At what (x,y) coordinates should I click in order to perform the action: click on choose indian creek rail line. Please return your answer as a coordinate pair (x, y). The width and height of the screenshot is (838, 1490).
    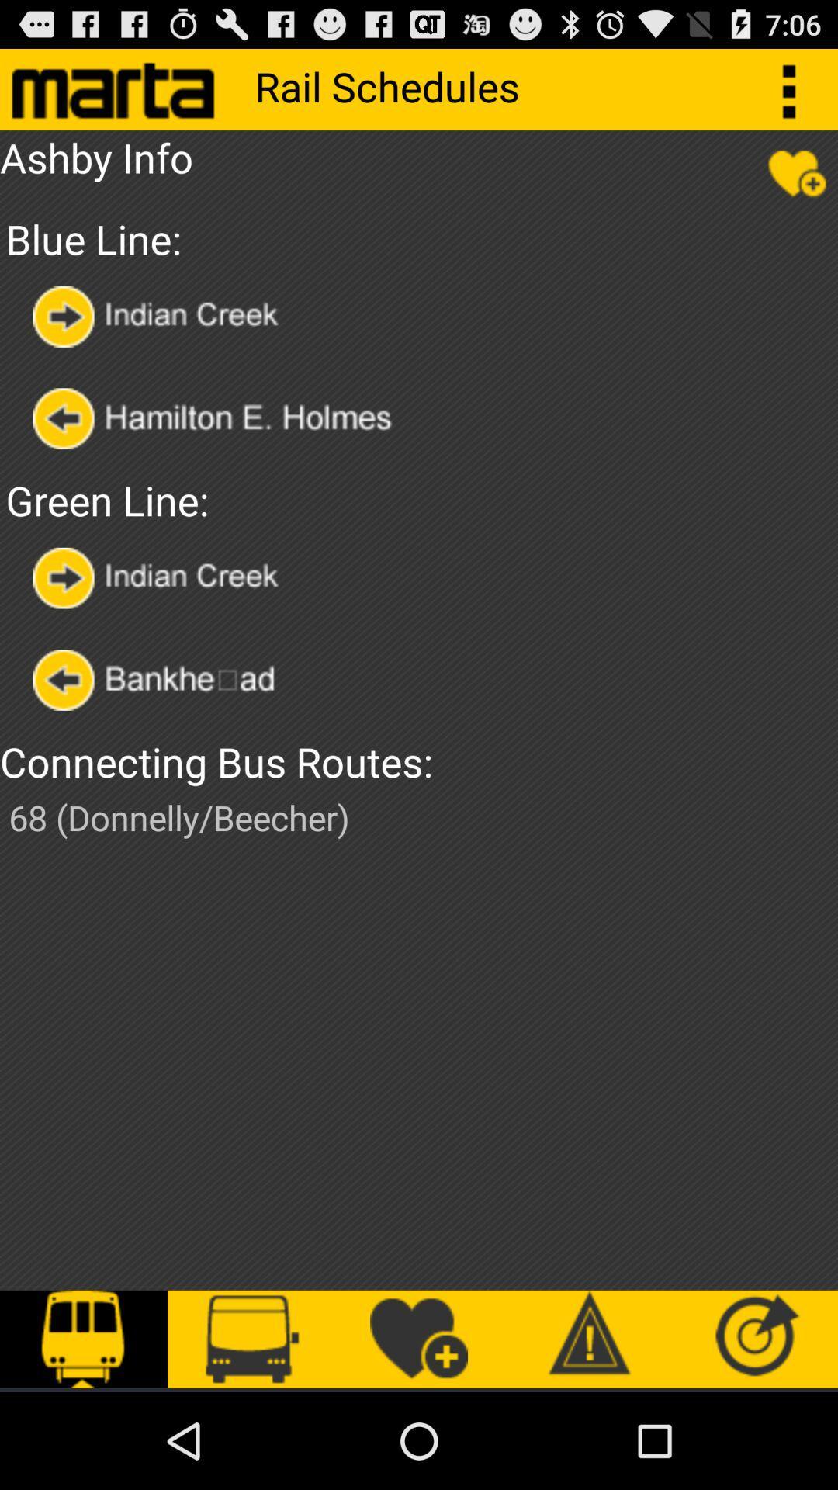
    Looking at the image, I should click on (161, 577).